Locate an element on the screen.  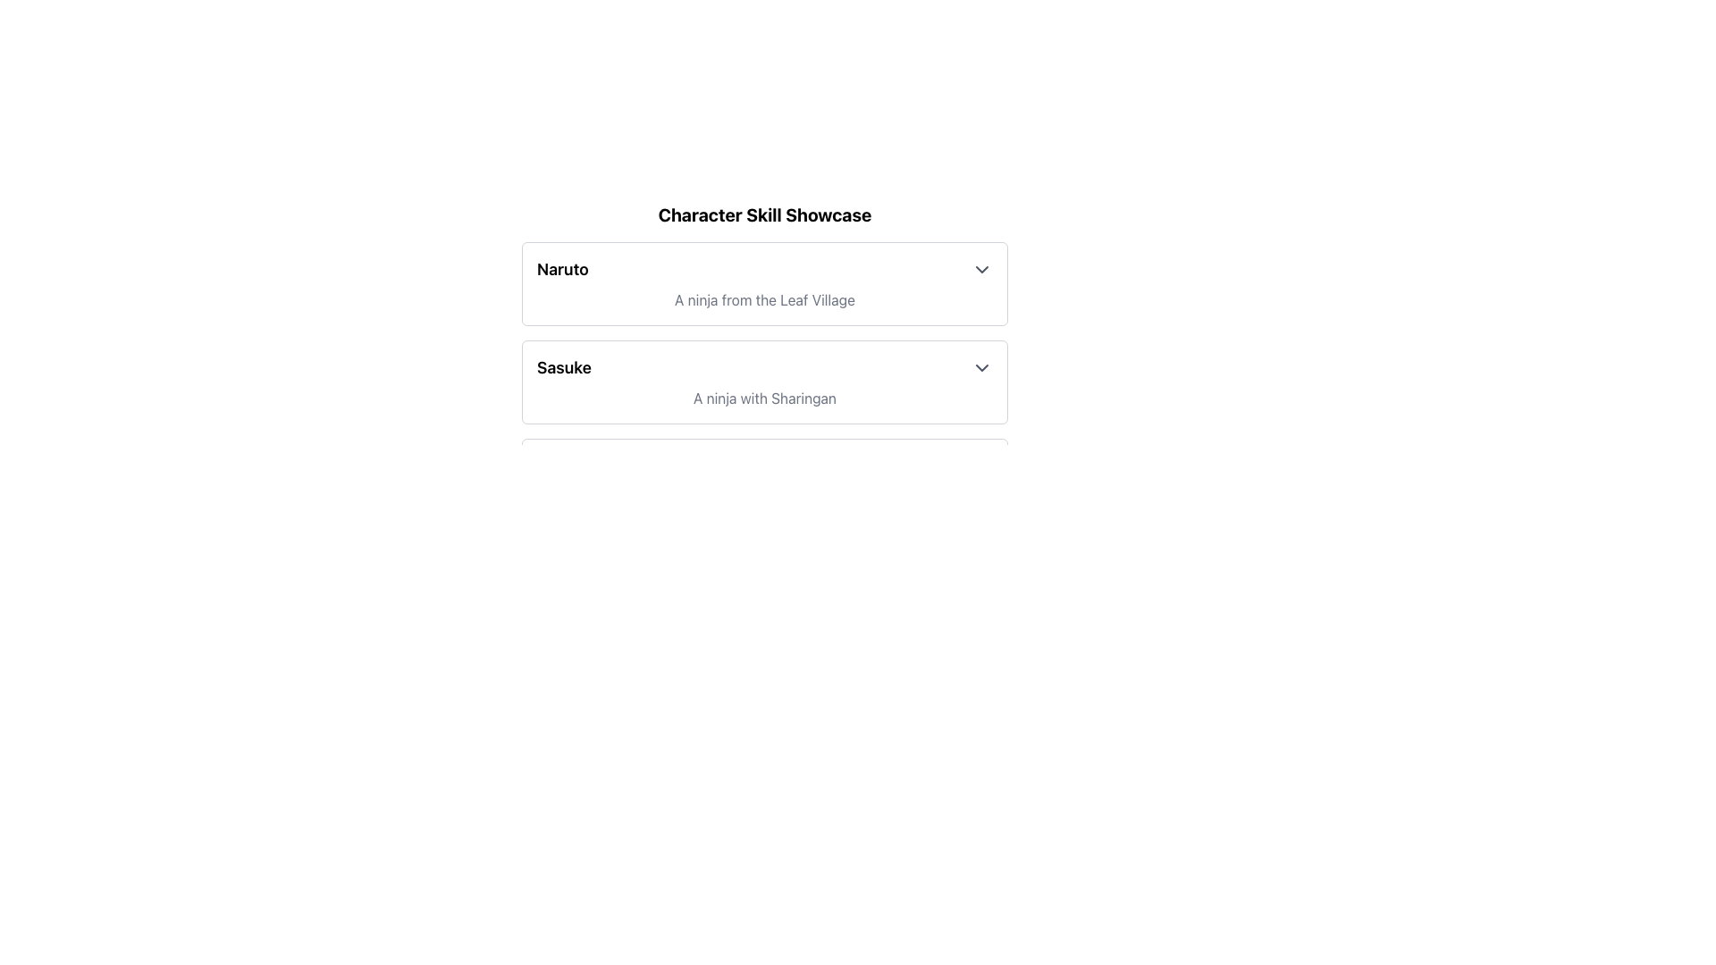
the descriptive subtitle text label for the character 'Naruto', located below the main title within a bordered and rounded rectangular section is located at coordinates (764, 298).